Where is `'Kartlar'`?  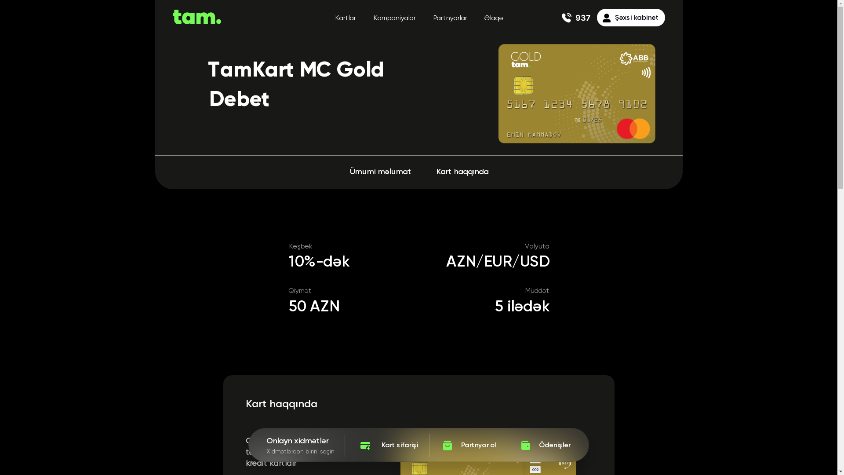
'Kartlar' is located at coordinates (345, 18).